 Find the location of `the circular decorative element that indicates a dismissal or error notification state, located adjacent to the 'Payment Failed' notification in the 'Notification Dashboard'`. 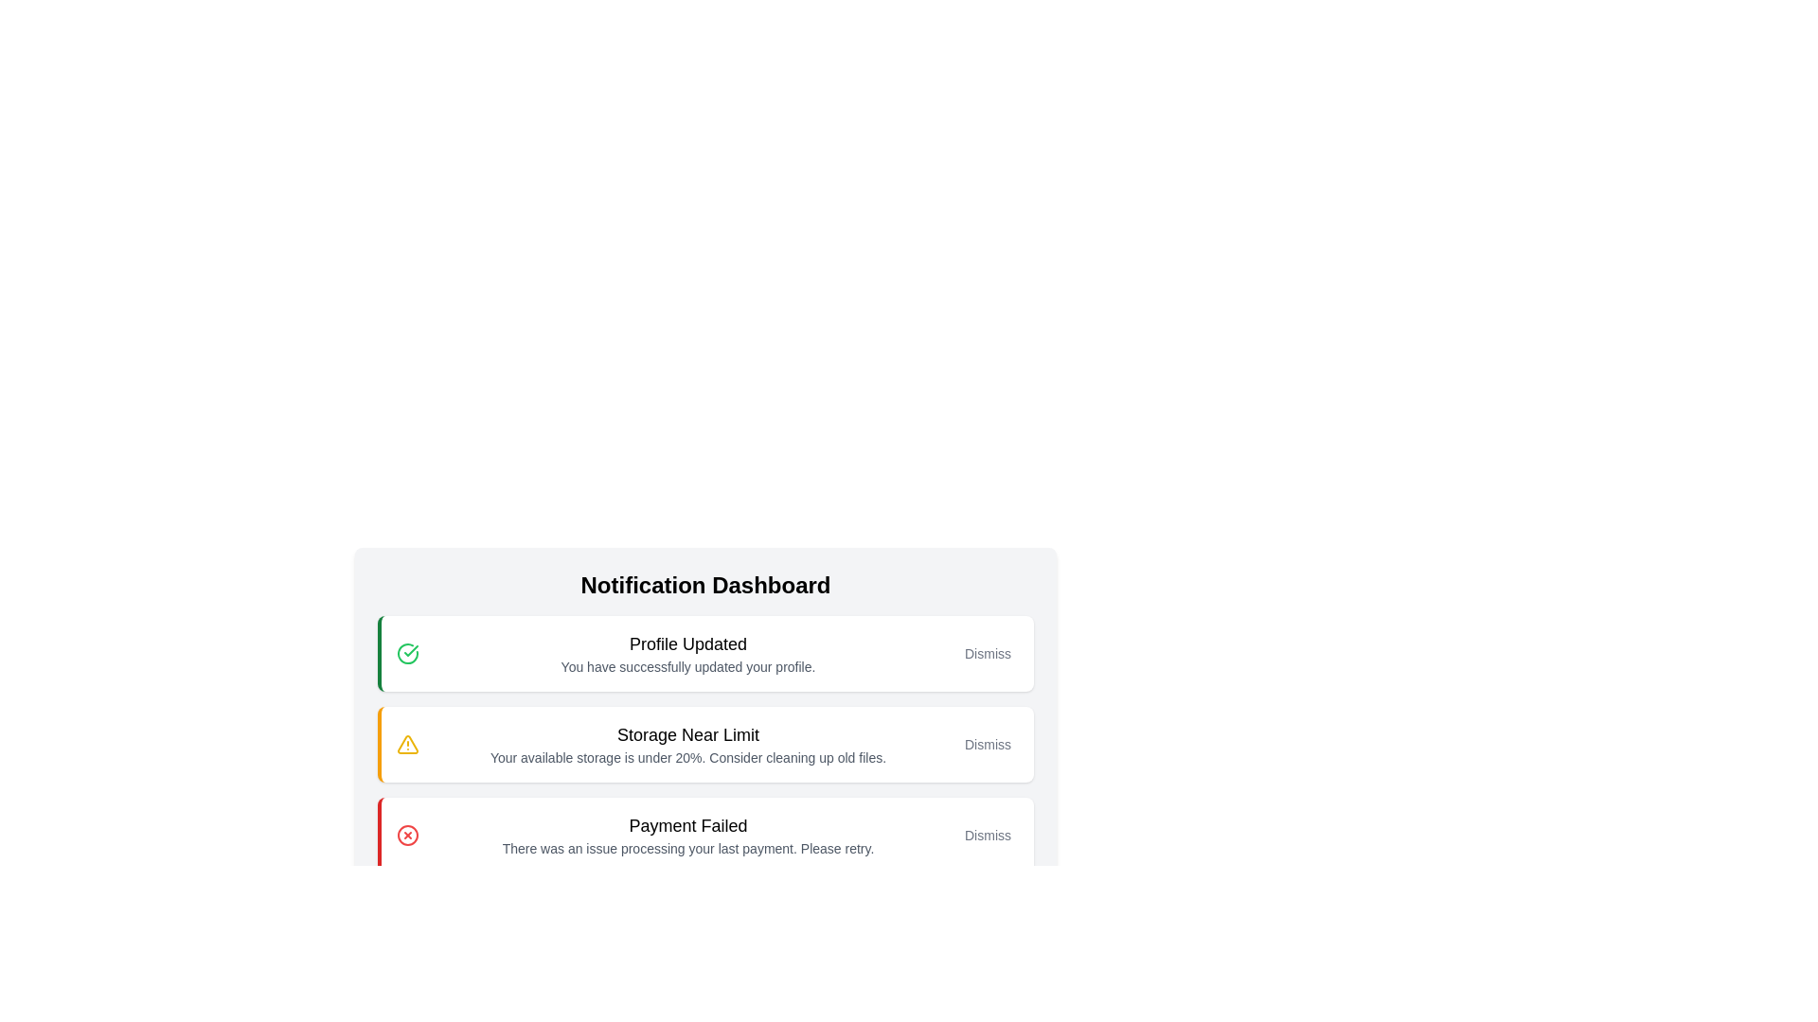

the circular decorative element that indicates a dismissal or error notification state, located adjacent to the 'Payment Failed' notification in the 'Notification Dashboard' is located at coordinates (407, 835).